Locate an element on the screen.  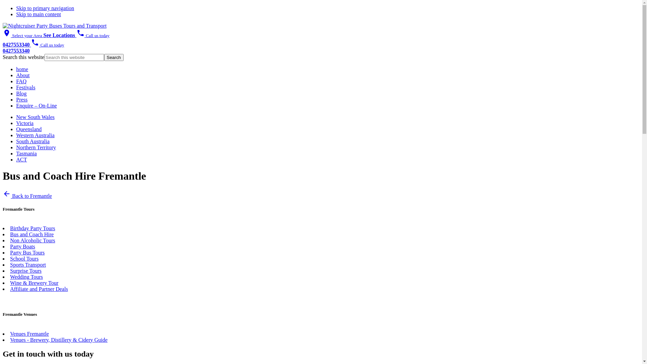
'phone Call us today is located at coordinates (33, 47).